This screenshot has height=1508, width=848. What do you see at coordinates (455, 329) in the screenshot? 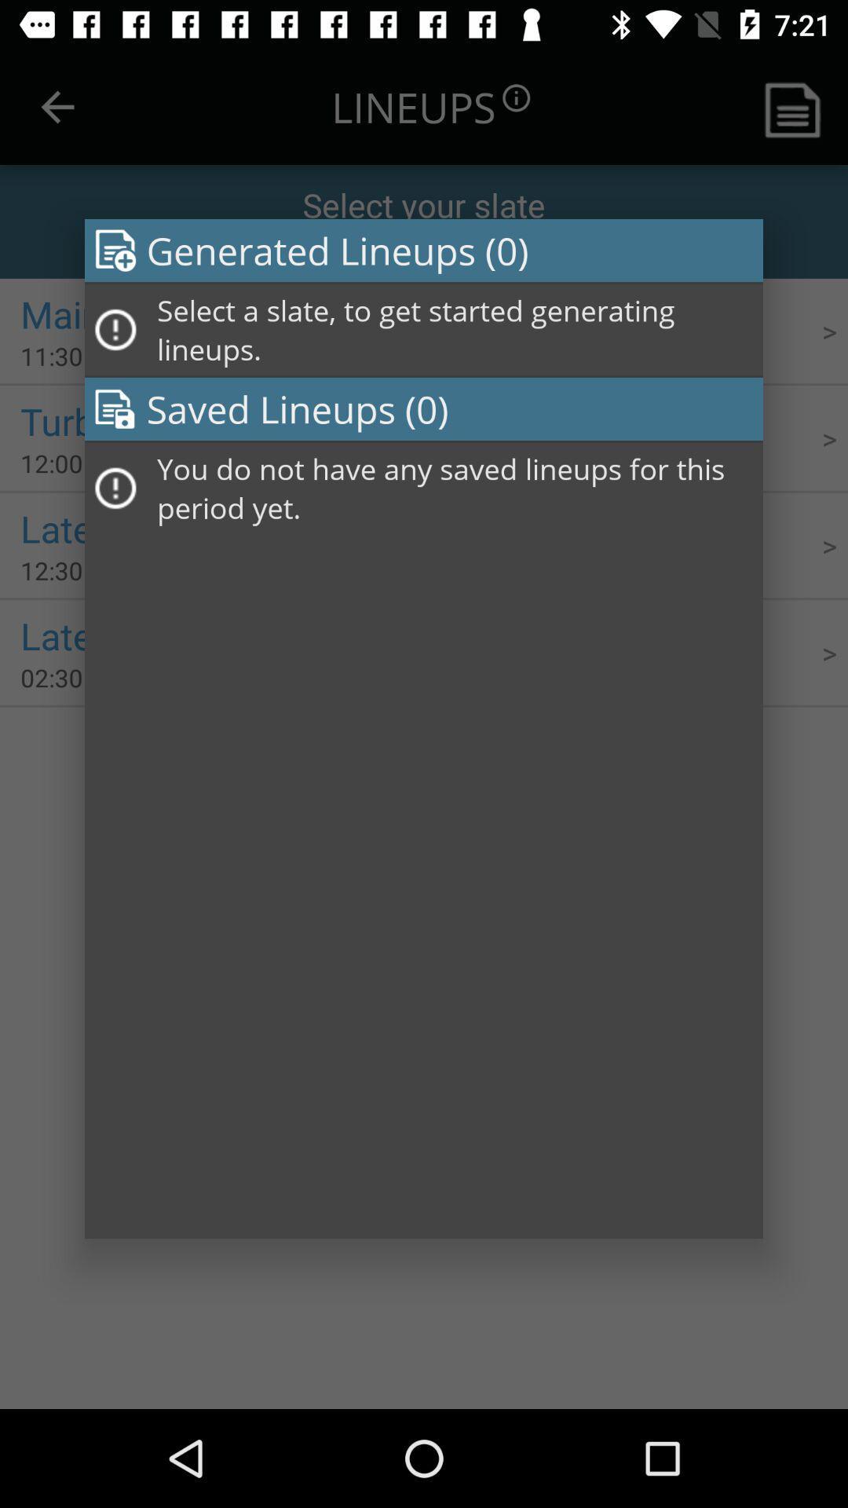
I see `the icon below the generated lineups (0) icon` at bounding box center [455, 329].